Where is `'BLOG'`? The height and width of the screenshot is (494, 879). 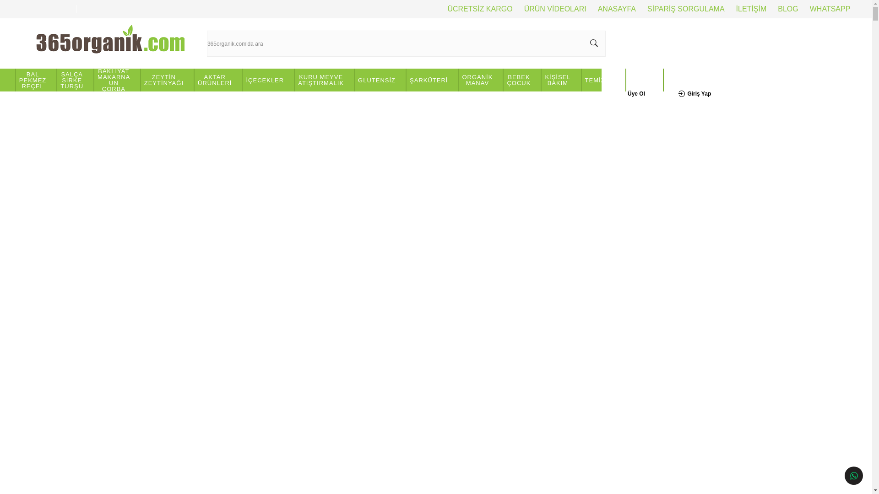
'BLOG' is located at coordinates (781, 9).